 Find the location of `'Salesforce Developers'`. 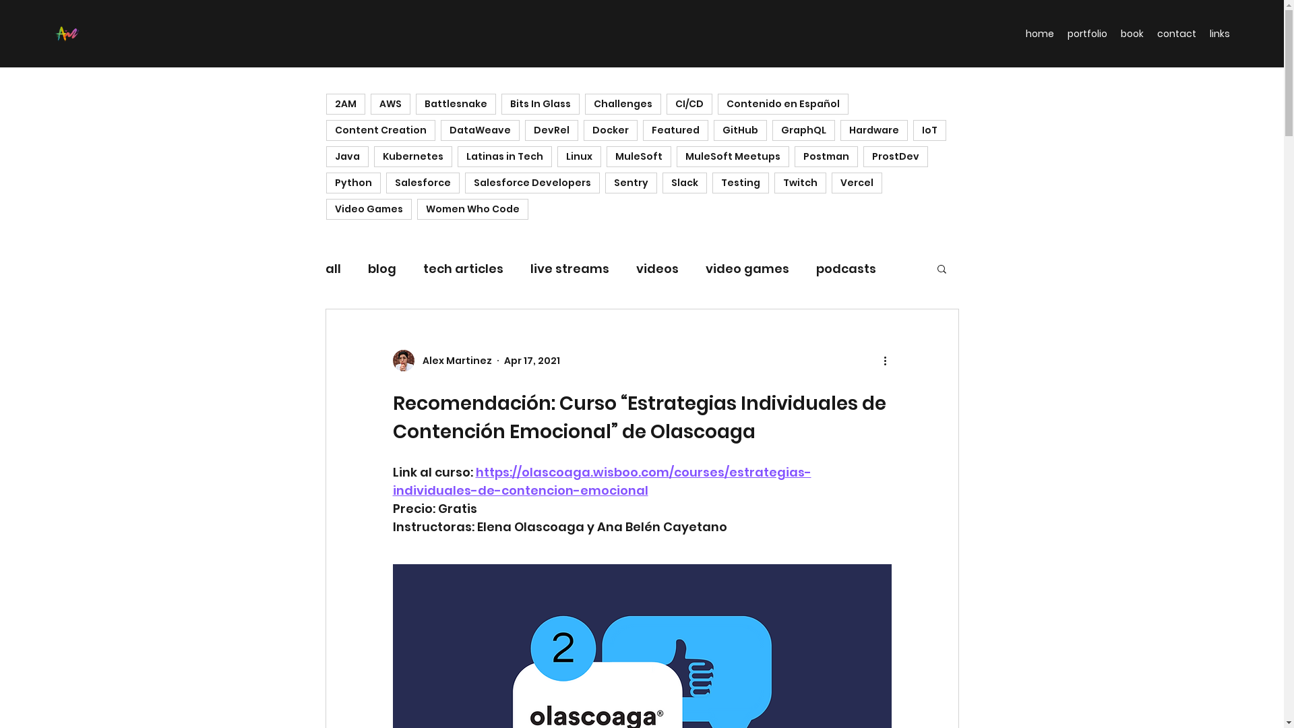

'Salesforce Developers' is located at coordinates (465, 183).